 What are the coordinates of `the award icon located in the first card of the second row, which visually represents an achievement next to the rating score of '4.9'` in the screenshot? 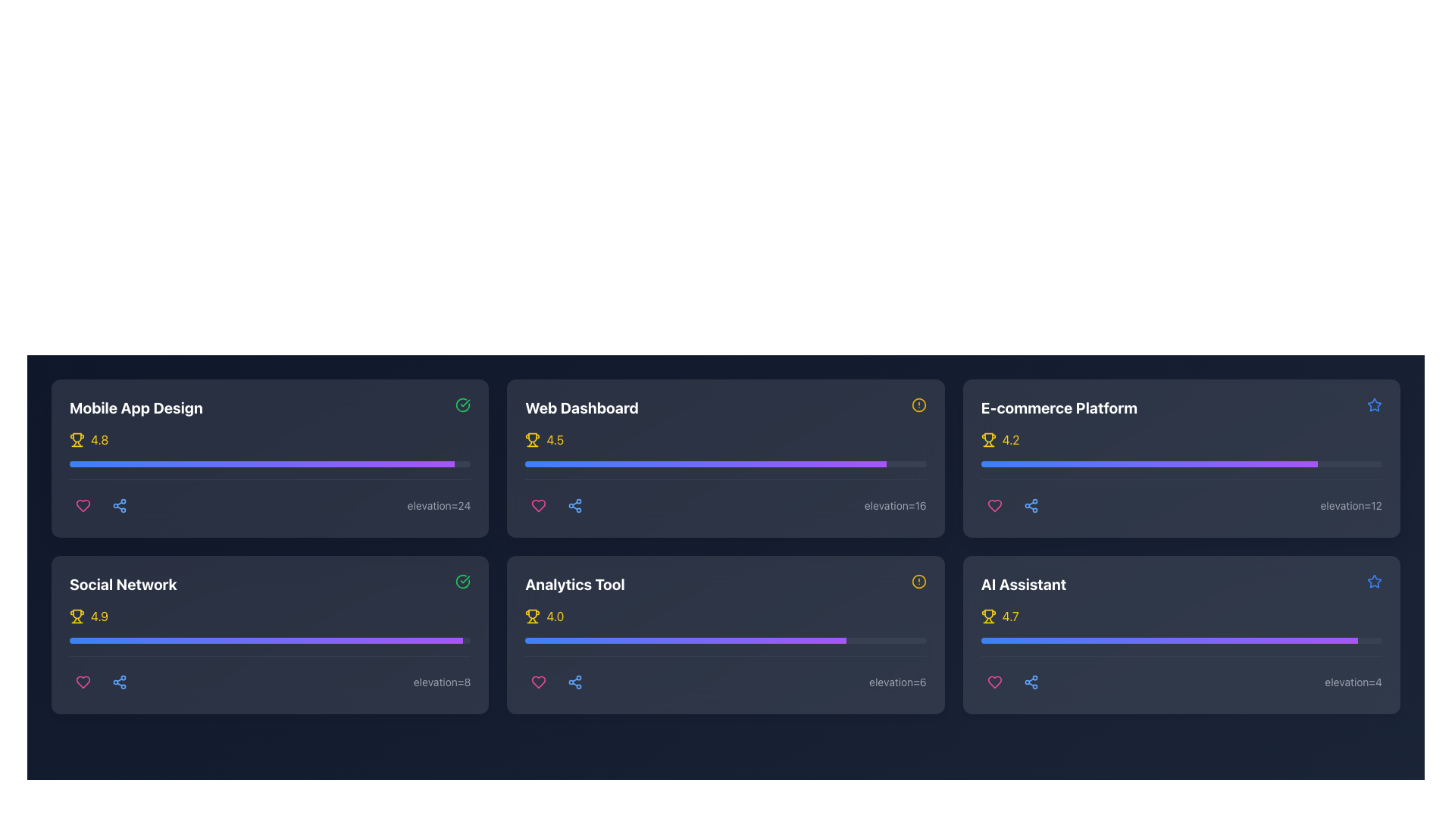 It's located at (76, 616).